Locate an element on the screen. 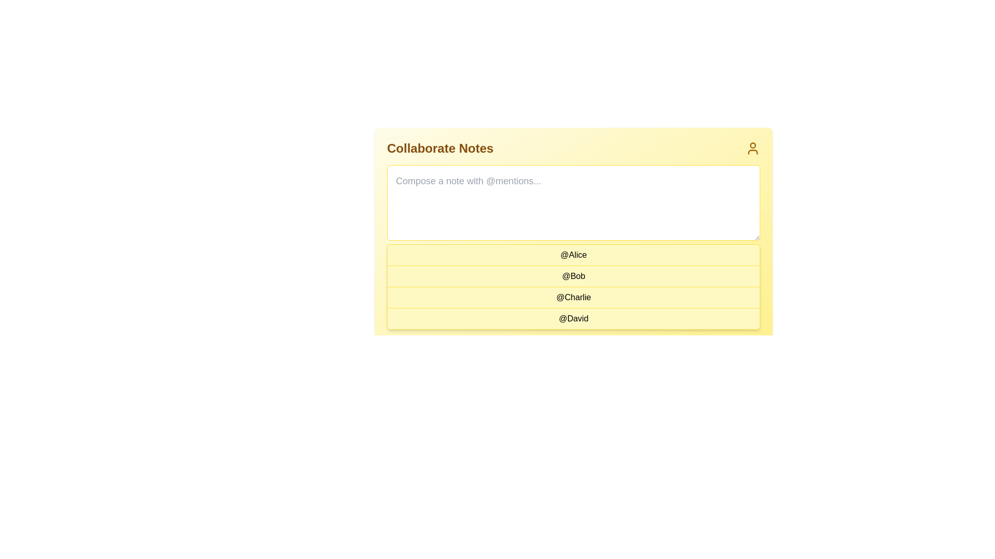 This screenshot has height=559, width=995. the bold, large-sized header text that reads 'Collaborate Notes', which is styled in a prominent yellowish-brown color and positioned at the top-left of a yellow panel is located at coordinates (440, 148).